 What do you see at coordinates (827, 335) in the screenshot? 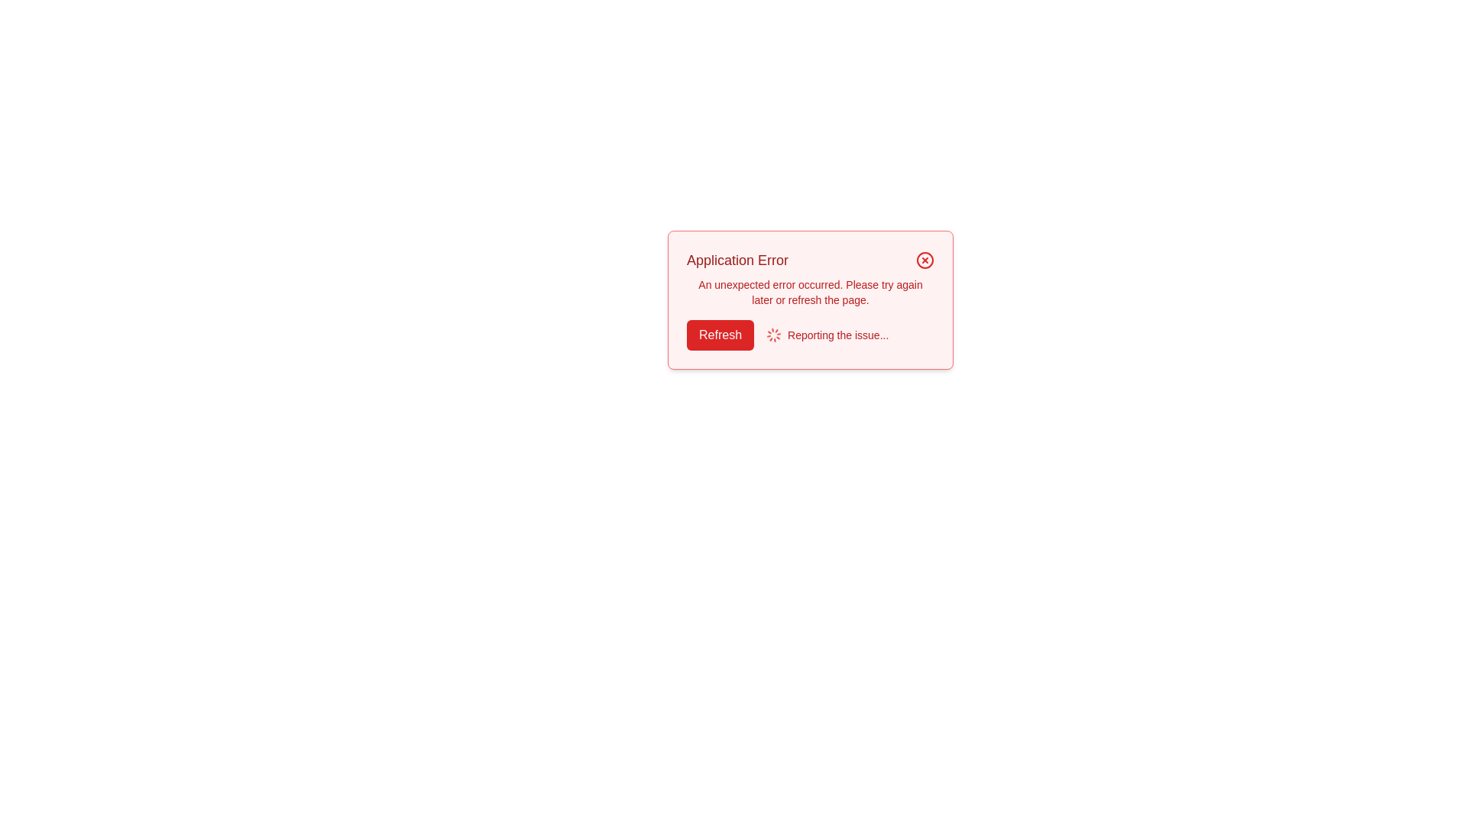
I see `the Label with spinning loader that displays the text 'Reporting the issue...' located to the right of the red 'Refresh' button in the bottom section of the 'Application Error' dialog box` at bounding box center [827, 335].